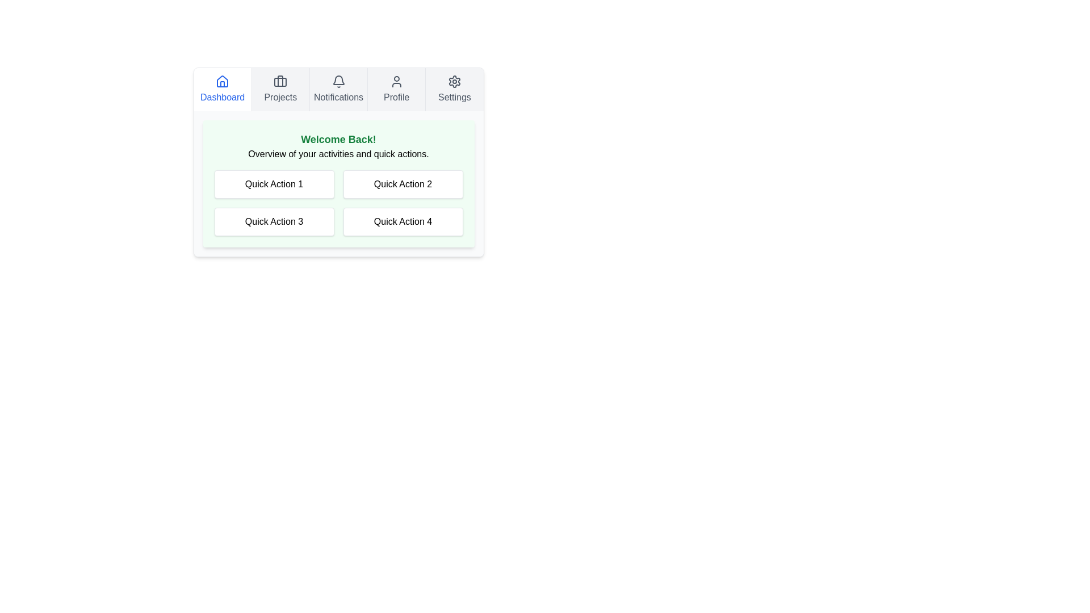  I want to click on the Navigation Button with a house icon and 'Dashboard' text, so click(223, 89).